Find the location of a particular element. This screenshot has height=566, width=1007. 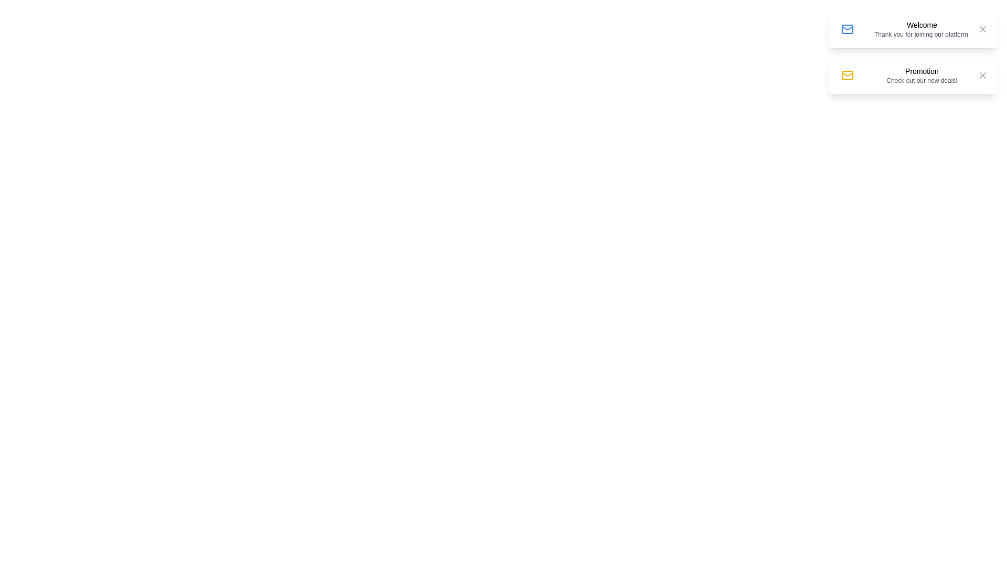

the SVG line that forms part of the 'X' close button in the top-right corner of the 'Welcome' notification card is located at coordinates (982, 29).